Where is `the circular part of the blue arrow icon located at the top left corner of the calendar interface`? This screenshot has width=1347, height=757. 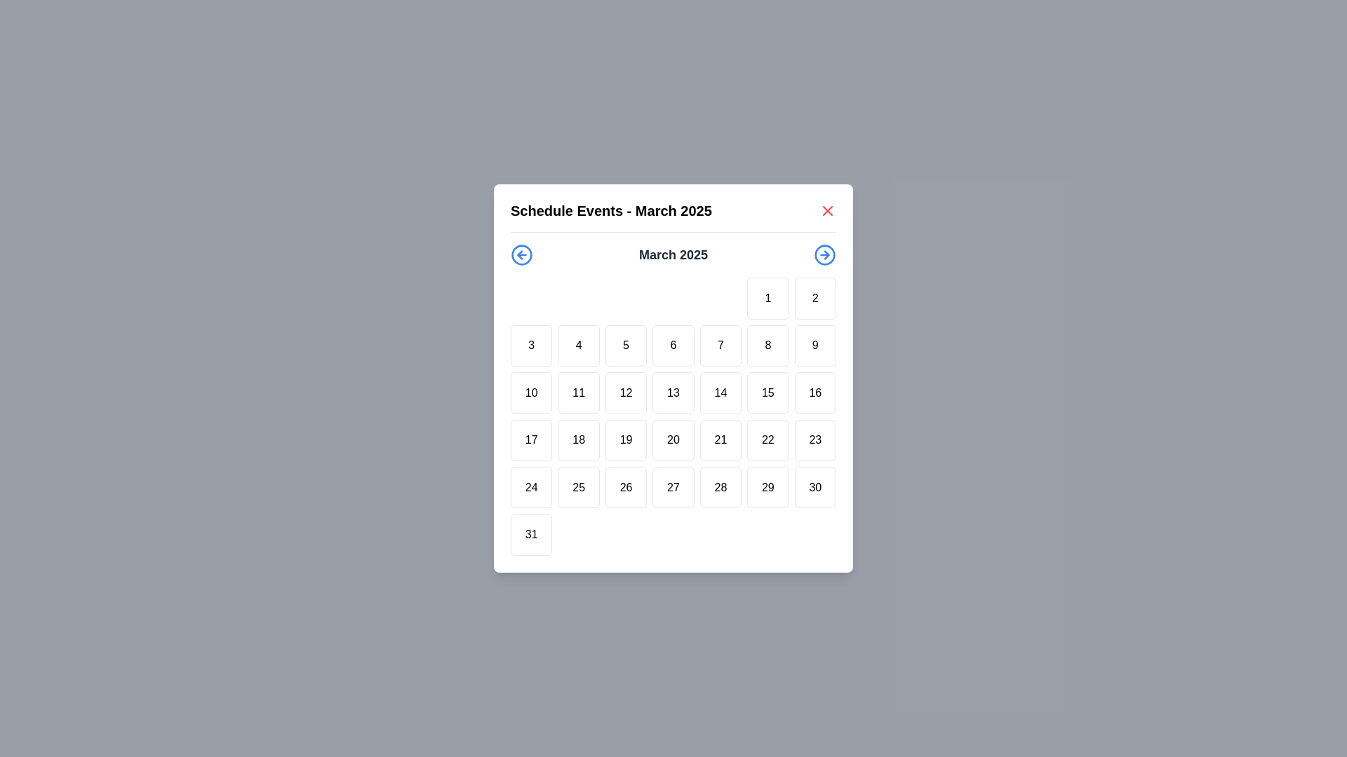
the circular part of the blue arrow icon located at the top left corner of the calendar interface is located at coordinates (521, 254).